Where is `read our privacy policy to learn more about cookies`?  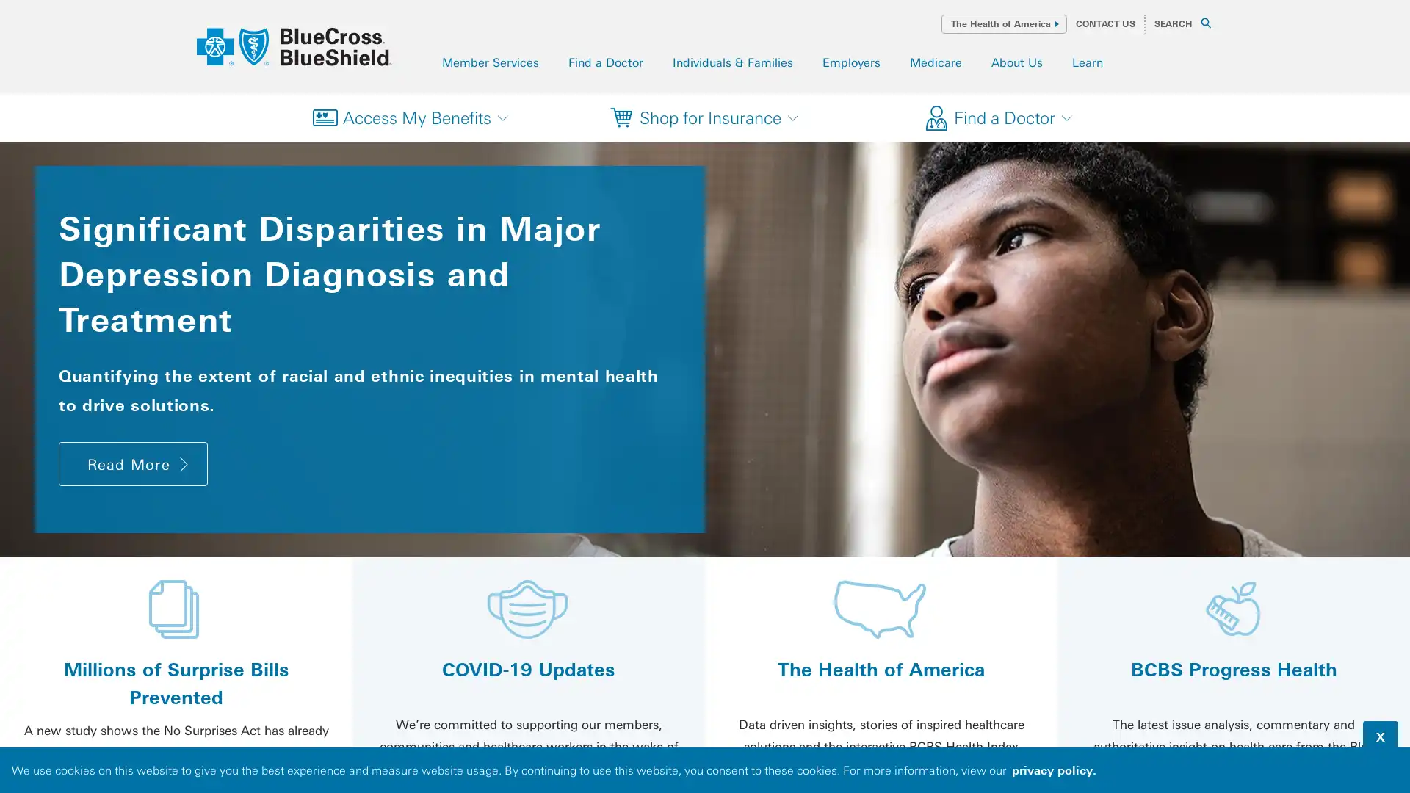 read our privacy policy to learn more about cookies is located at coordinates (1053, 769).